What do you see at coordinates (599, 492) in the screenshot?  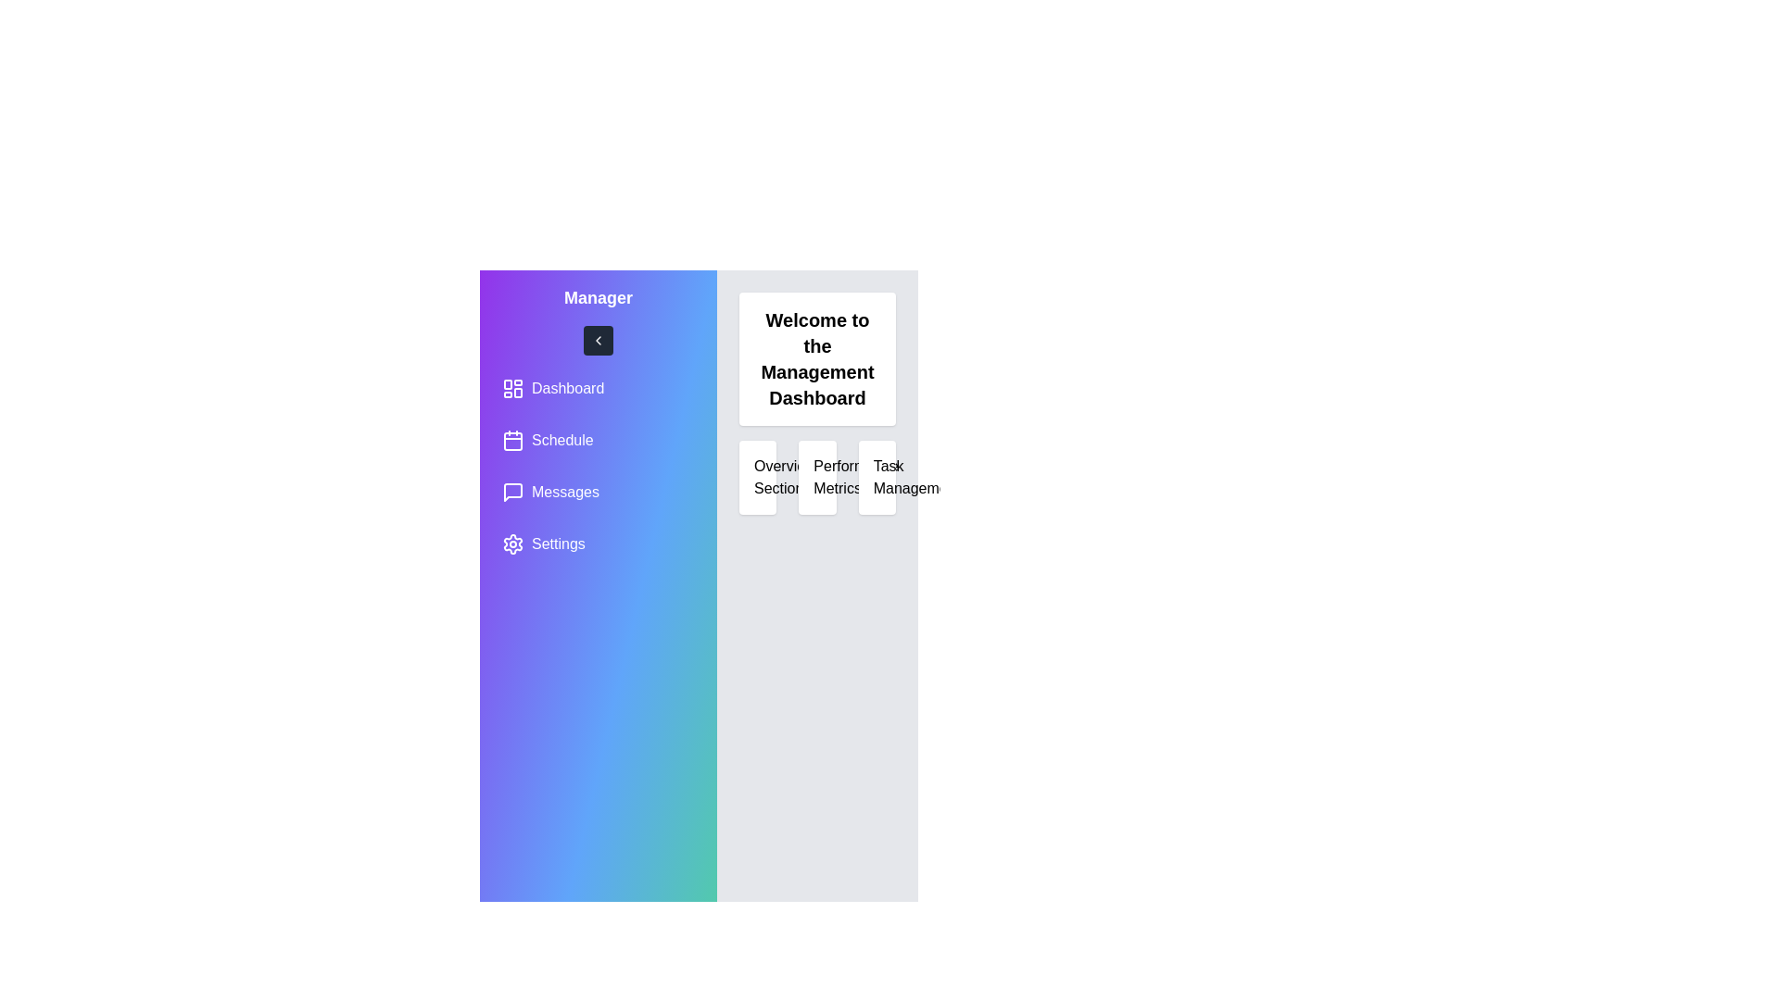 I see `the 'Messages' navigation button located in the vertical sidebar menu, which is the third item following 'Dashboard' and 'Schedule'` at bounding box center [599, 492].